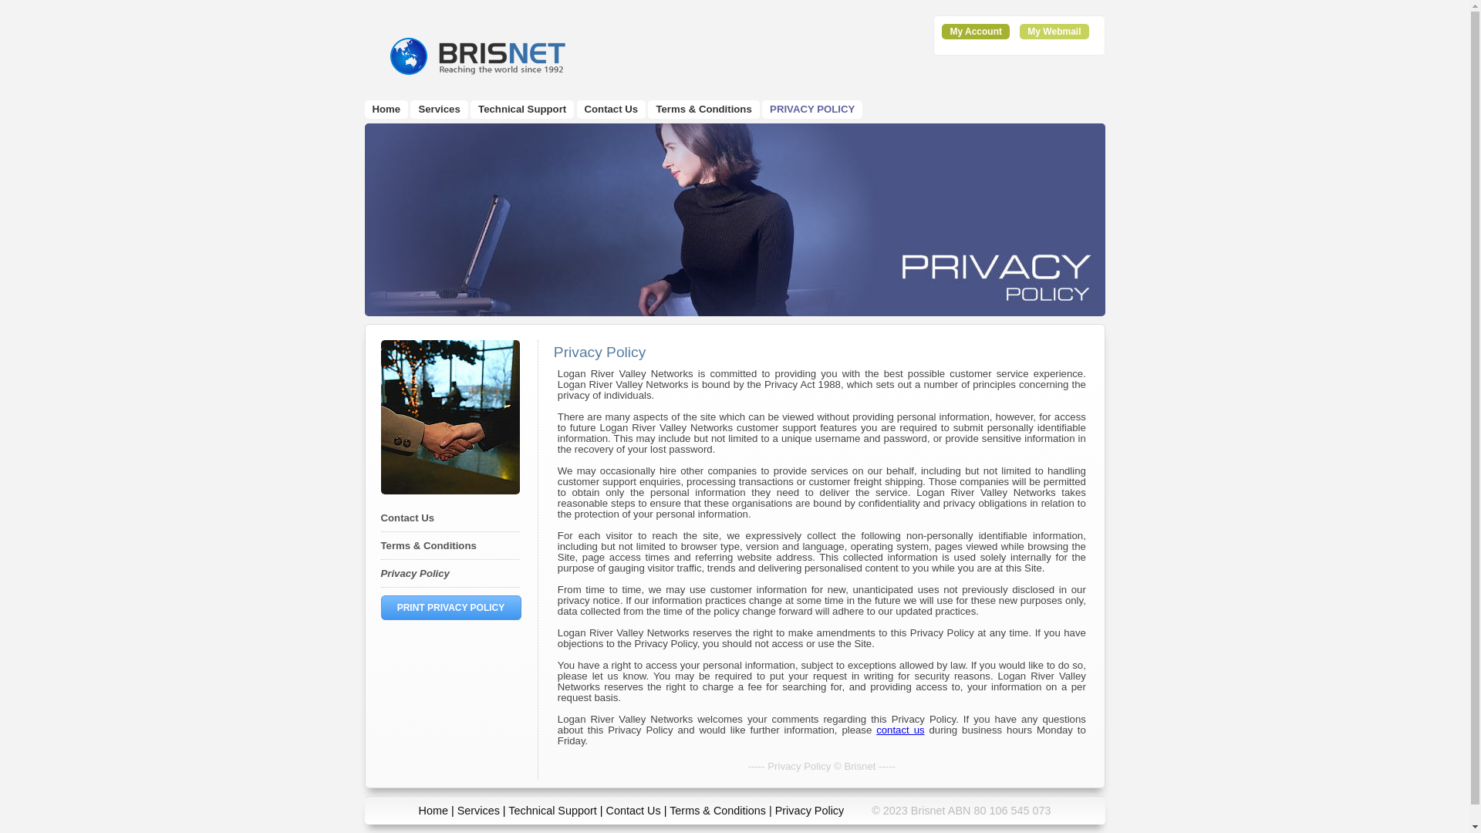 This screenshot has height=833, width=1481. I want to click on 'Home', so click(432, 809).